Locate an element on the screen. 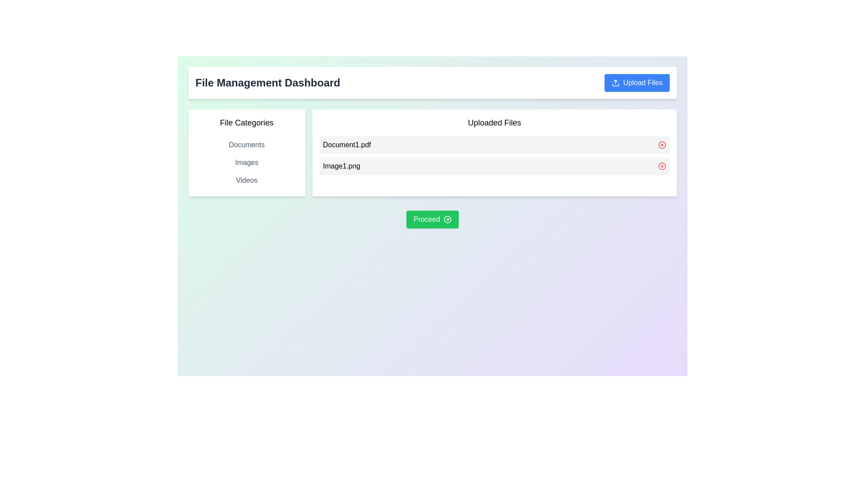 The width and height of the screenshot is (851, 479). the text label displaying the filename 'Image1.png', which is the second item in the 'Uploaded Files' section of the file management dashboard is located at coordinates (341, 166).